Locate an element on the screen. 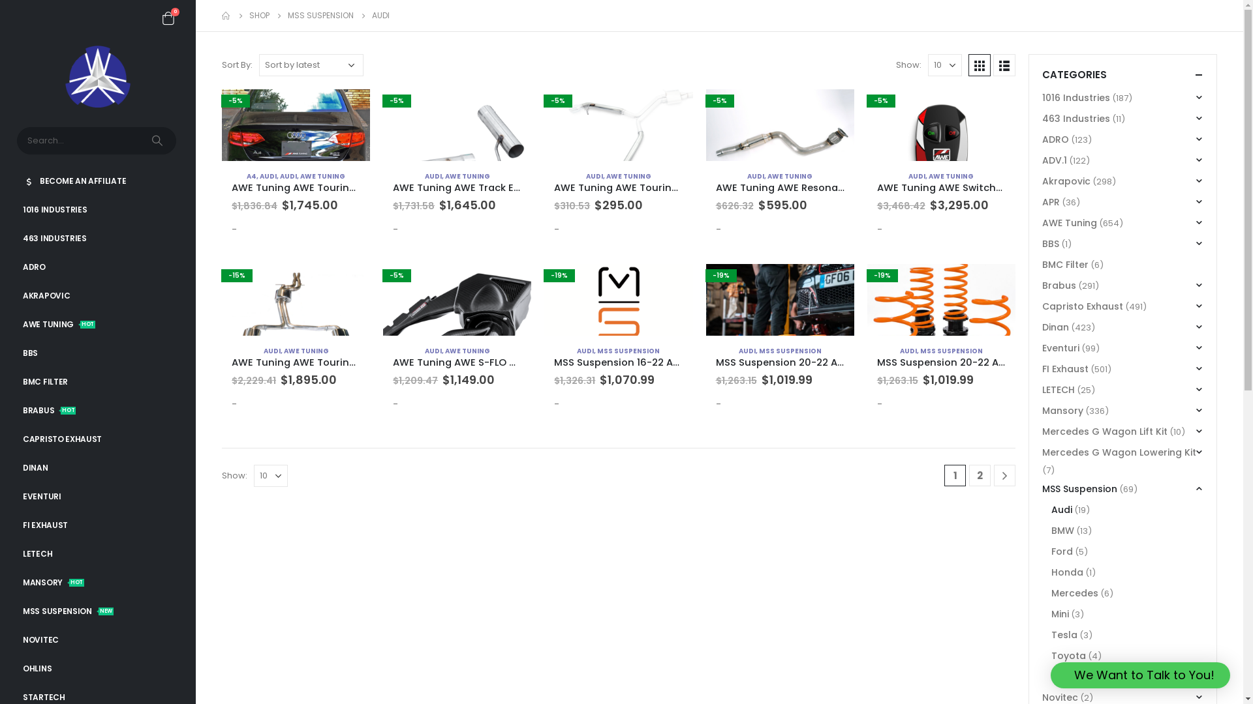 This screenshot has width=1253, height=704. 'ADRO' is located at coordinates (97, 267).